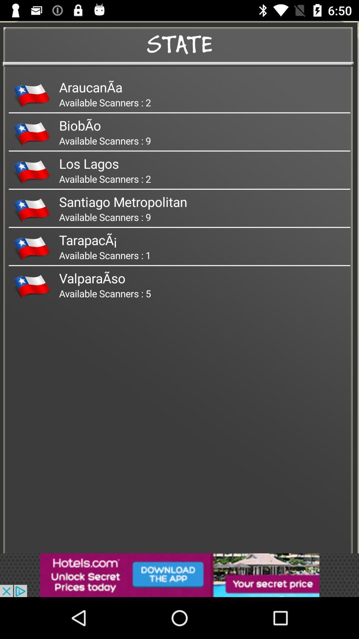  I want to click on advertisement, so click(179, 575).